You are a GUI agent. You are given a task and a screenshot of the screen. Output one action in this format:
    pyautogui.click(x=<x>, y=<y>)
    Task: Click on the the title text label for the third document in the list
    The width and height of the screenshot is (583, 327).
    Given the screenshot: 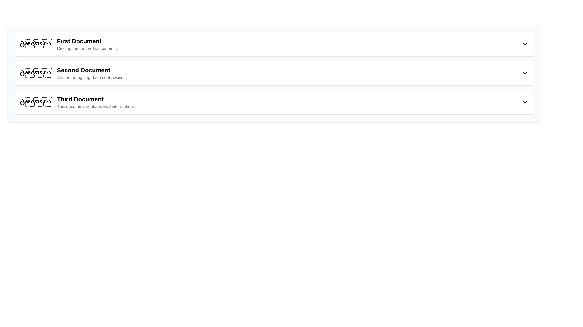 What is the action you would take?
    pyautogui.click(x=286, y=99)
    